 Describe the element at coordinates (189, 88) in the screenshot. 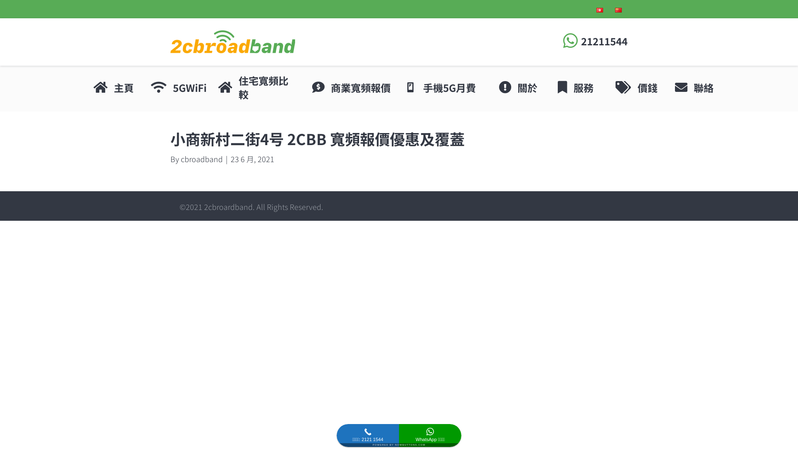

I see `'5GWiFi'` at that location.